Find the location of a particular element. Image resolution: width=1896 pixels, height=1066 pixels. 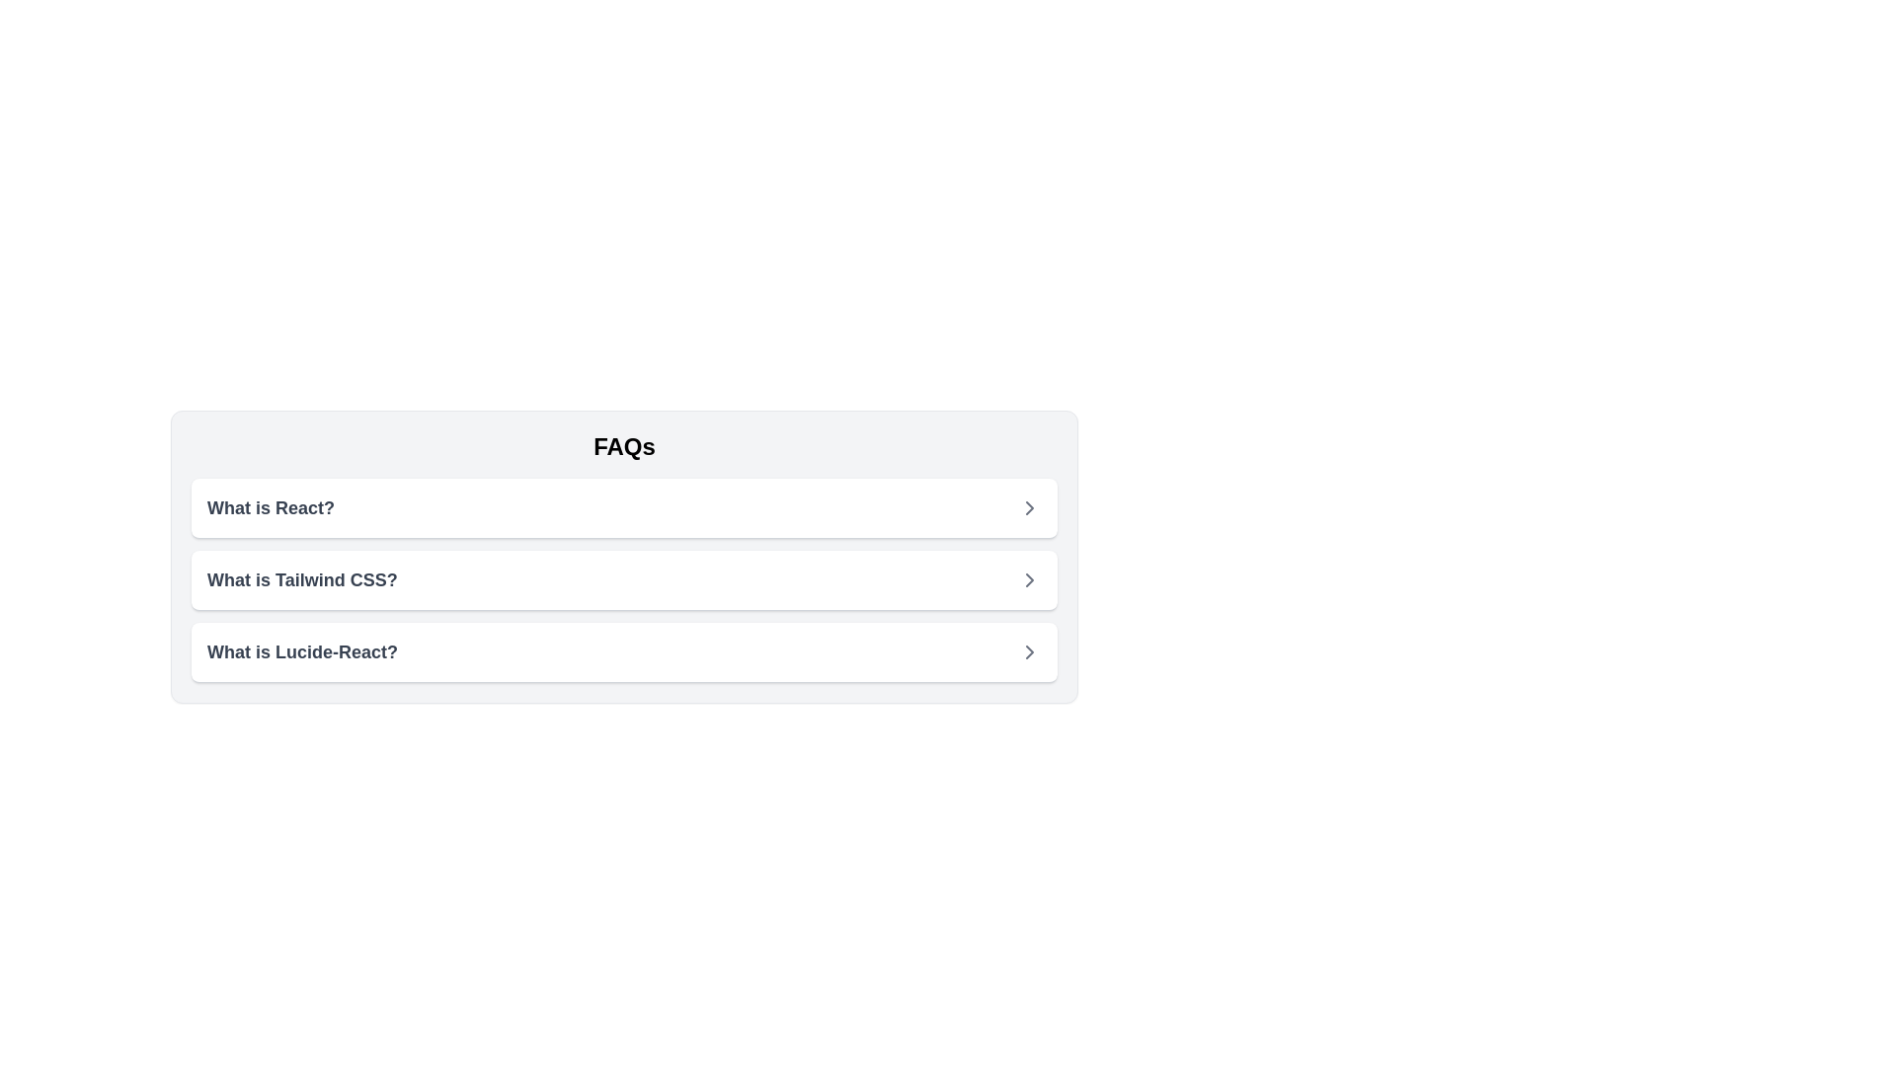

the chevron-right icon styled with a gray color is located at coordinates (1028, 578).